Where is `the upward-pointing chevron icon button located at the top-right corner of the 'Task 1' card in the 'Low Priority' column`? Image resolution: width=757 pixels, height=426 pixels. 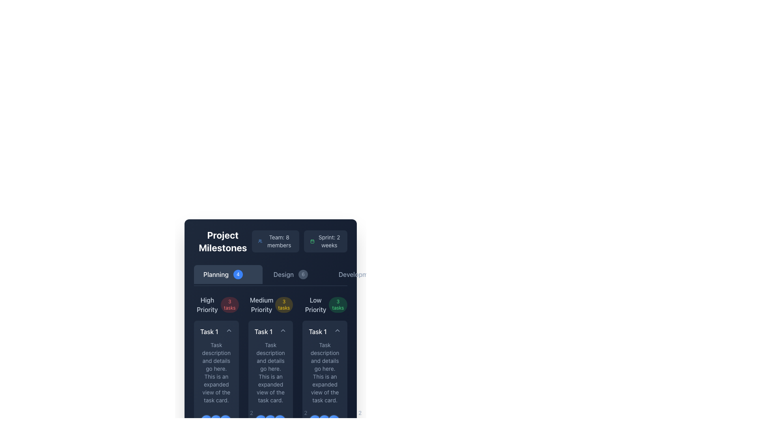 the upward-pointing chevron icon button located at the top-right corner of the 'Task 1' card in the 'Low Priority' column is located at coordinates (337, 330).